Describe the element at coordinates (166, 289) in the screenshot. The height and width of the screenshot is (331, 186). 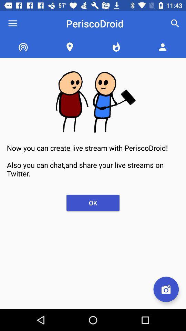
I see `take photo` at that location.